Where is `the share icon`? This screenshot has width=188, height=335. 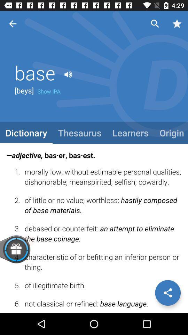 the share icon is located at coordinates (167, 293).